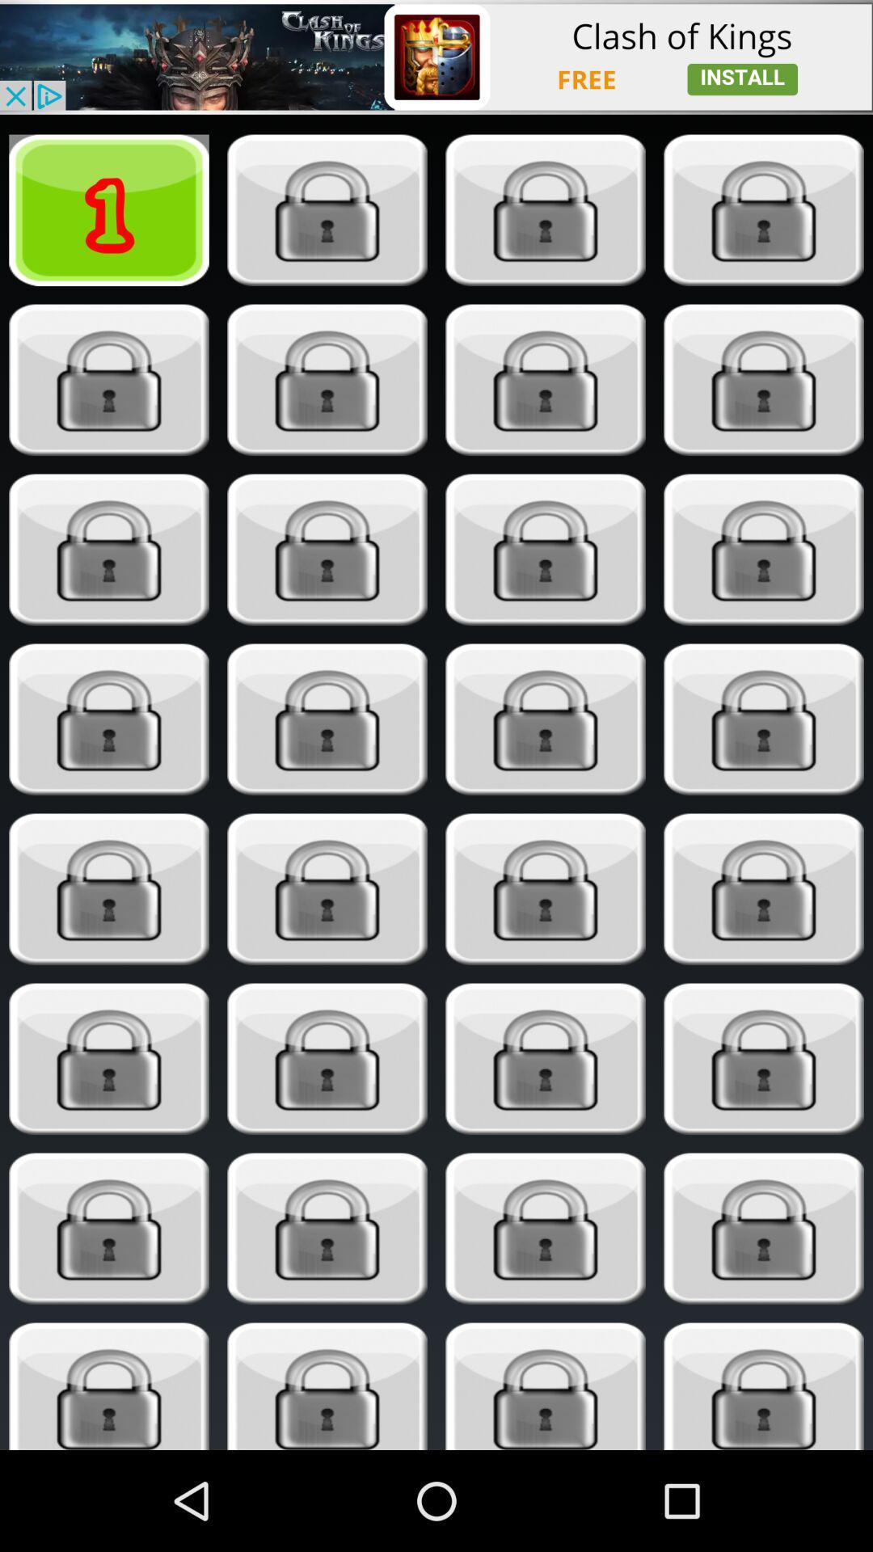  What do you see at coordinates (327, 888) in the screenshot?
I see `unlock item` at bounding box center [327, 888].